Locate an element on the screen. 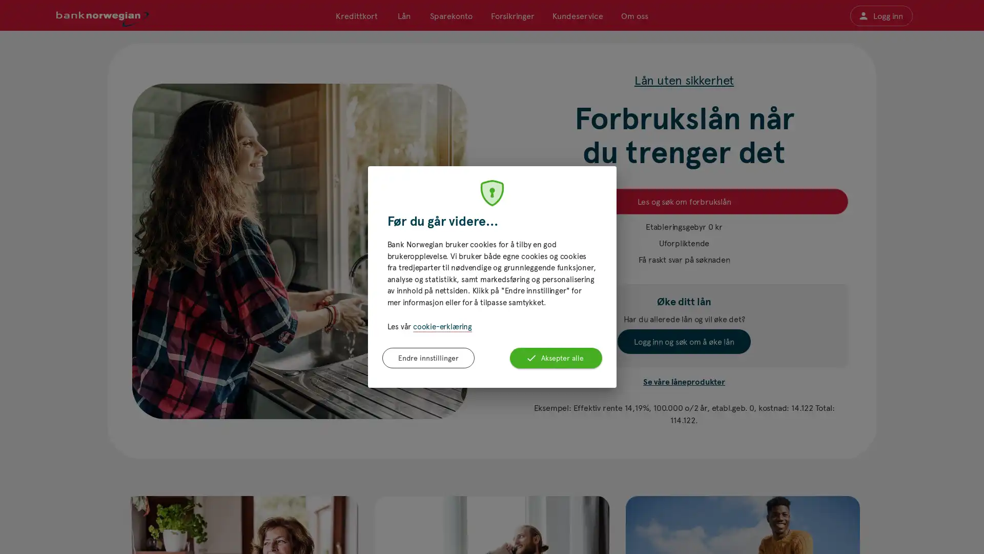 The height and width of the screenshot is (554, 984). Forsikringer is located at coordinates (512, 15).